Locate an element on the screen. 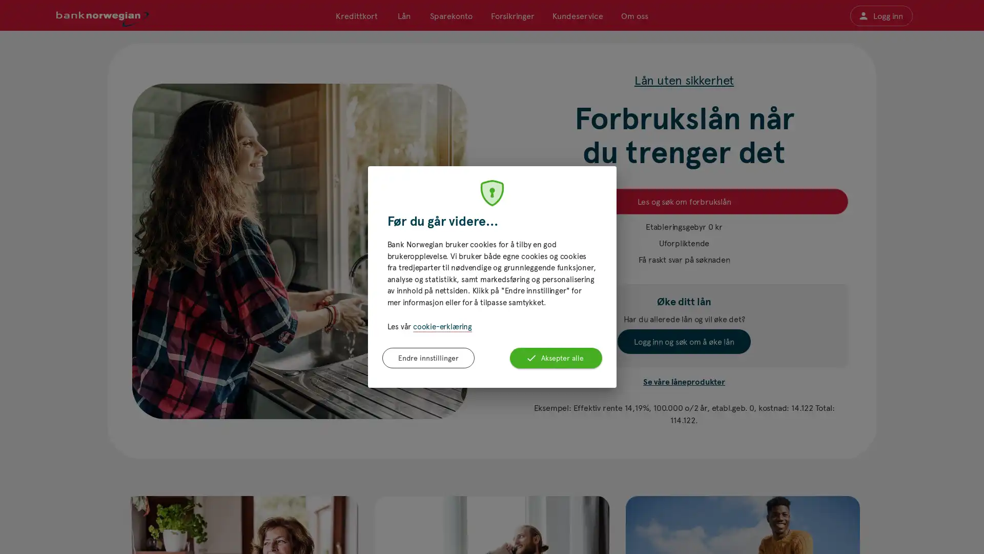 The height and width of the screenshot is (554, 984). Forsikringer is located at coordinates (512, 15).